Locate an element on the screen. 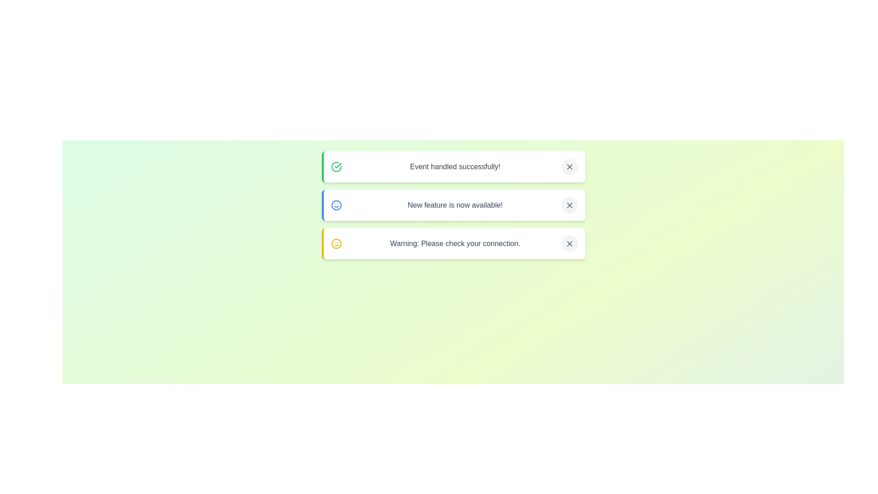 This screenshot has width=878, height=494. the warning message text label that displays connectivity issues, located in the lowest notification box to the right of a yellow icon is located at coordinates (455, 243).